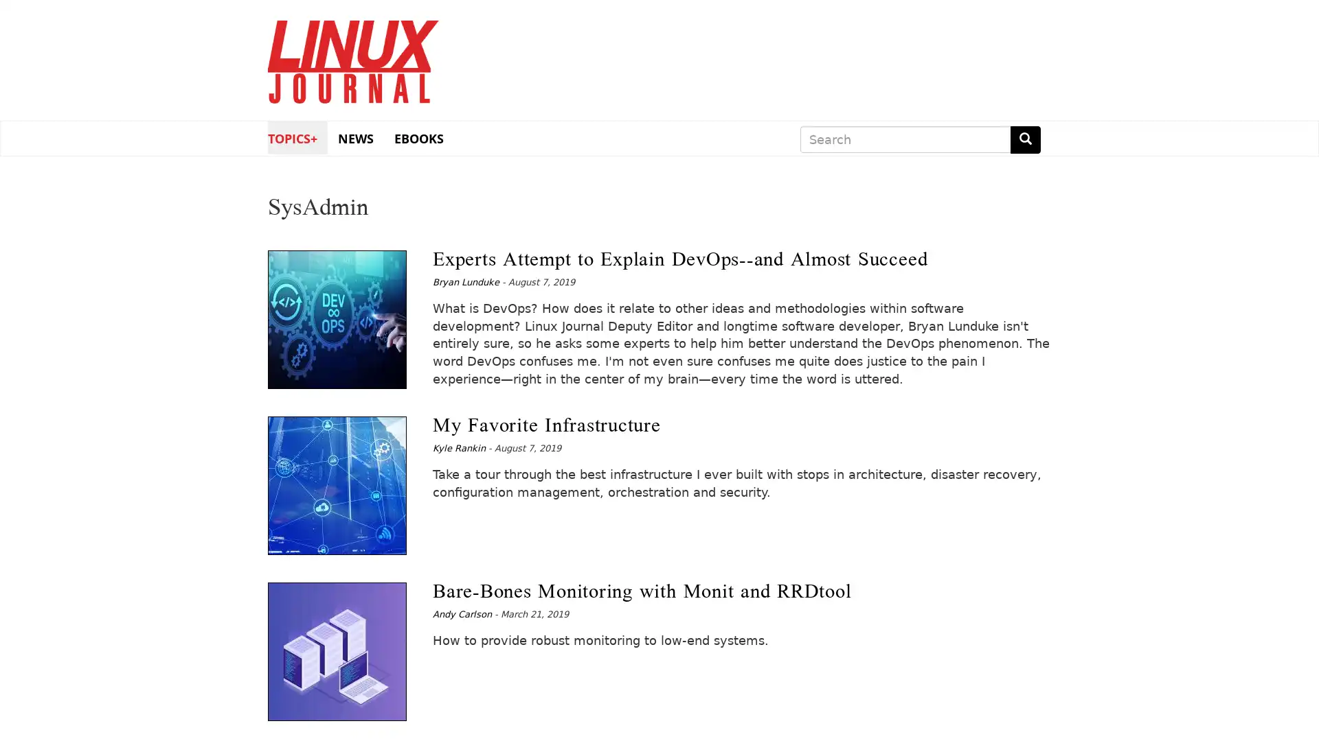  I want to click on Search, so click(1025, 139).